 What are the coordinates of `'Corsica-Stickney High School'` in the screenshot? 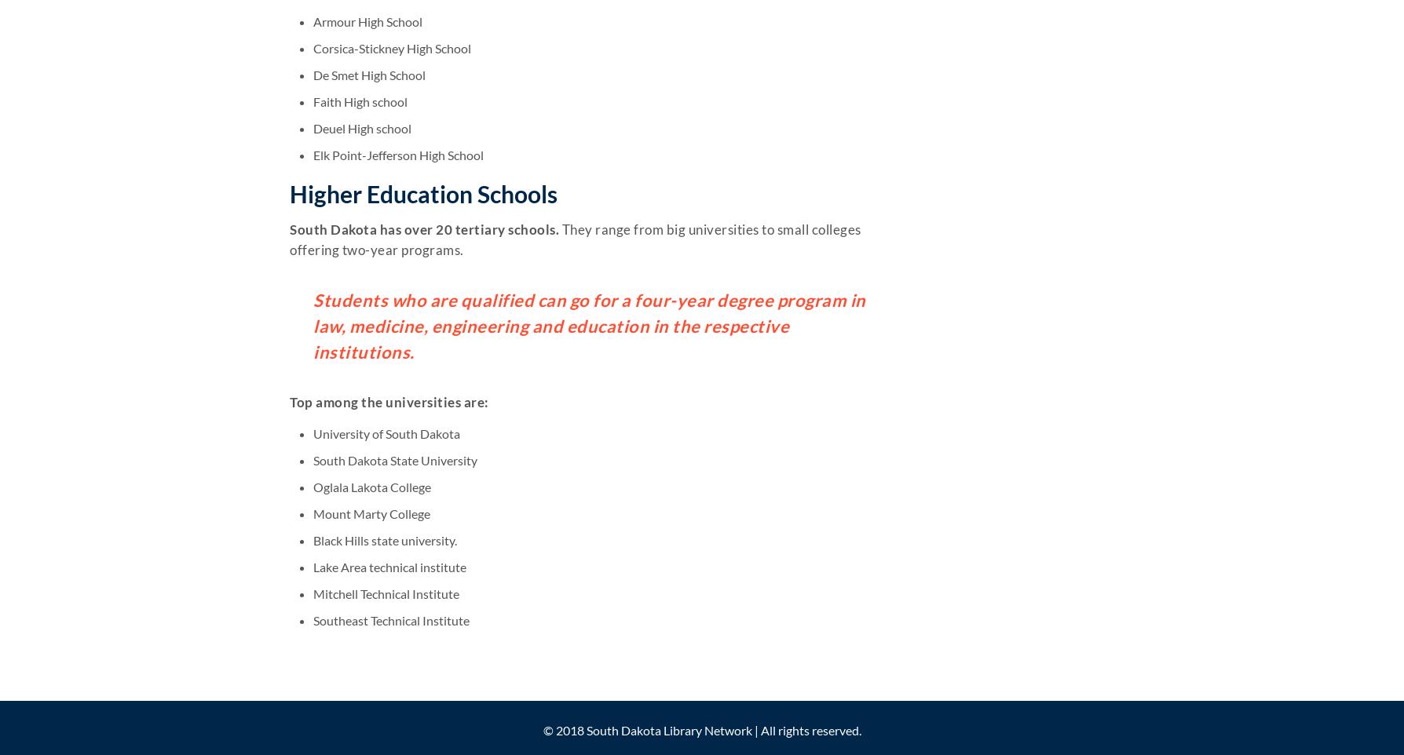 It's located at (392, 48).